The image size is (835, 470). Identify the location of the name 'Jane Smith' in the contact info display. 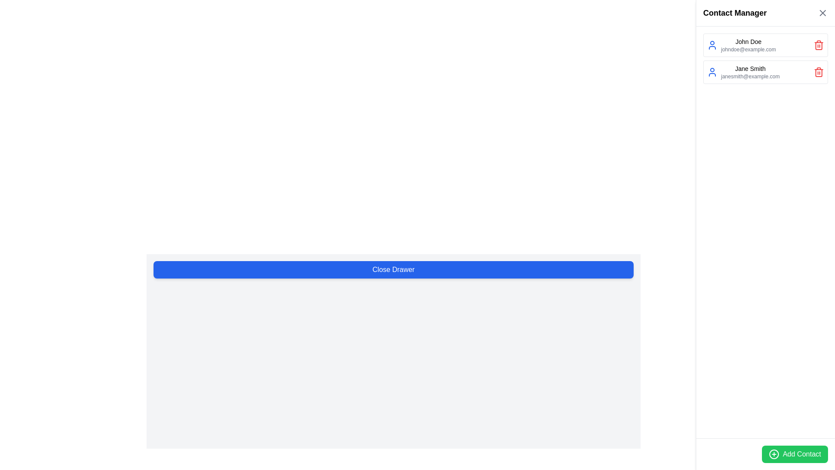
(750, 71).